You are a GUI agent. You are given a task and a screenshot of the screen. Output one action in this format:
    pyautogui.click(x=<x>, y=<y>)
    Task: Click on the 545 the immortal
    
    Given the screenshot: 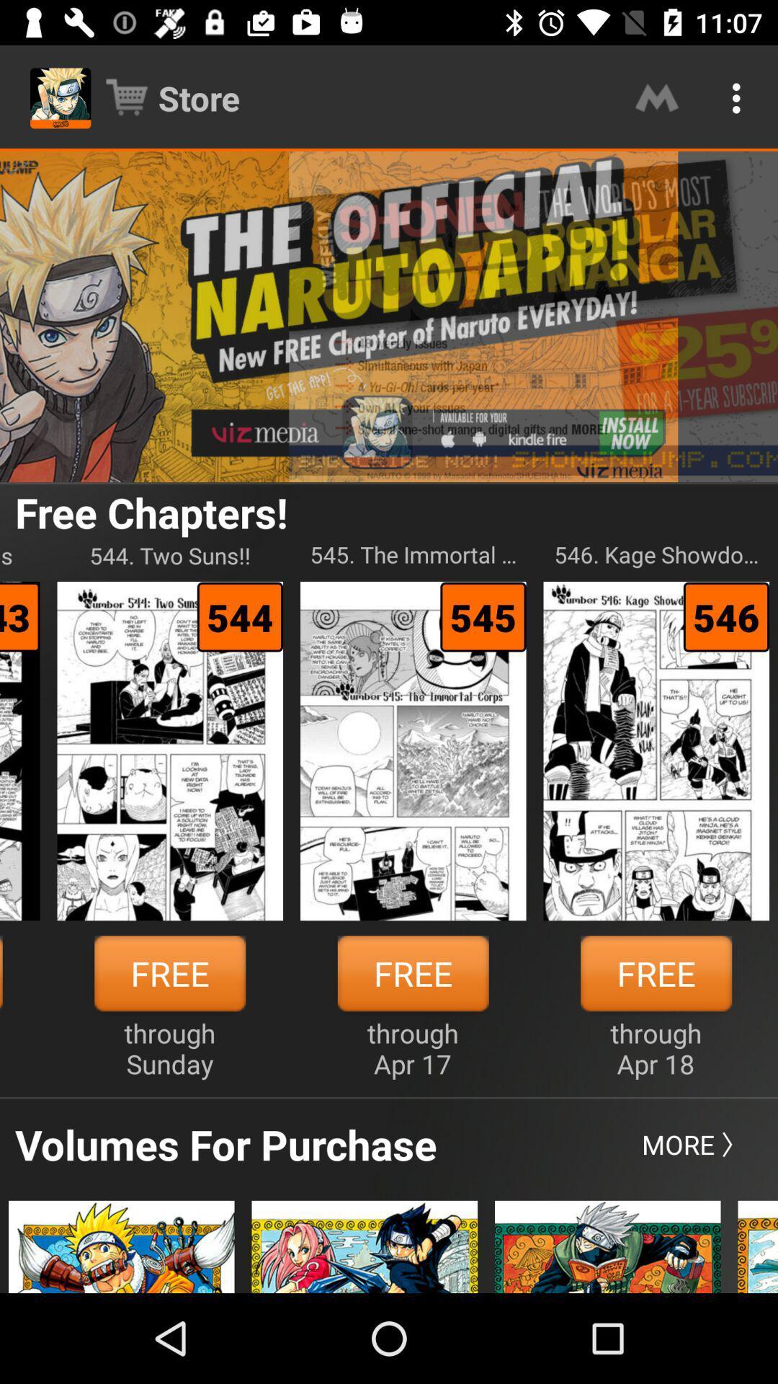 What is the action you would take?
    pyautogui.click(x=413, y=554)
    